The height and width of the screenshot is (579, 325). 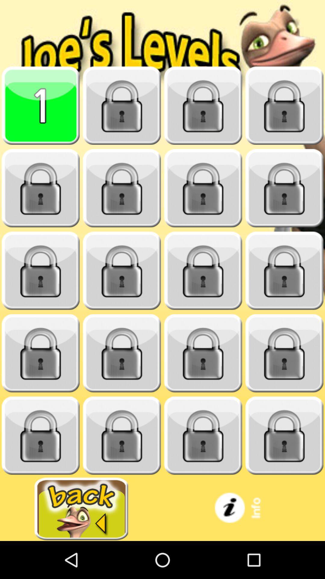 I want to click on option, so click(x=284, y=271).